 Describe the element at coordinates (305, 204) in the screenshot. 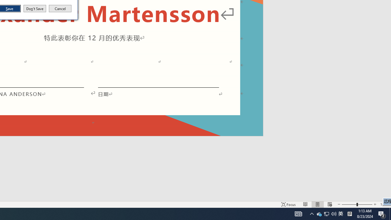

I see `'Read Mode'` at that location.